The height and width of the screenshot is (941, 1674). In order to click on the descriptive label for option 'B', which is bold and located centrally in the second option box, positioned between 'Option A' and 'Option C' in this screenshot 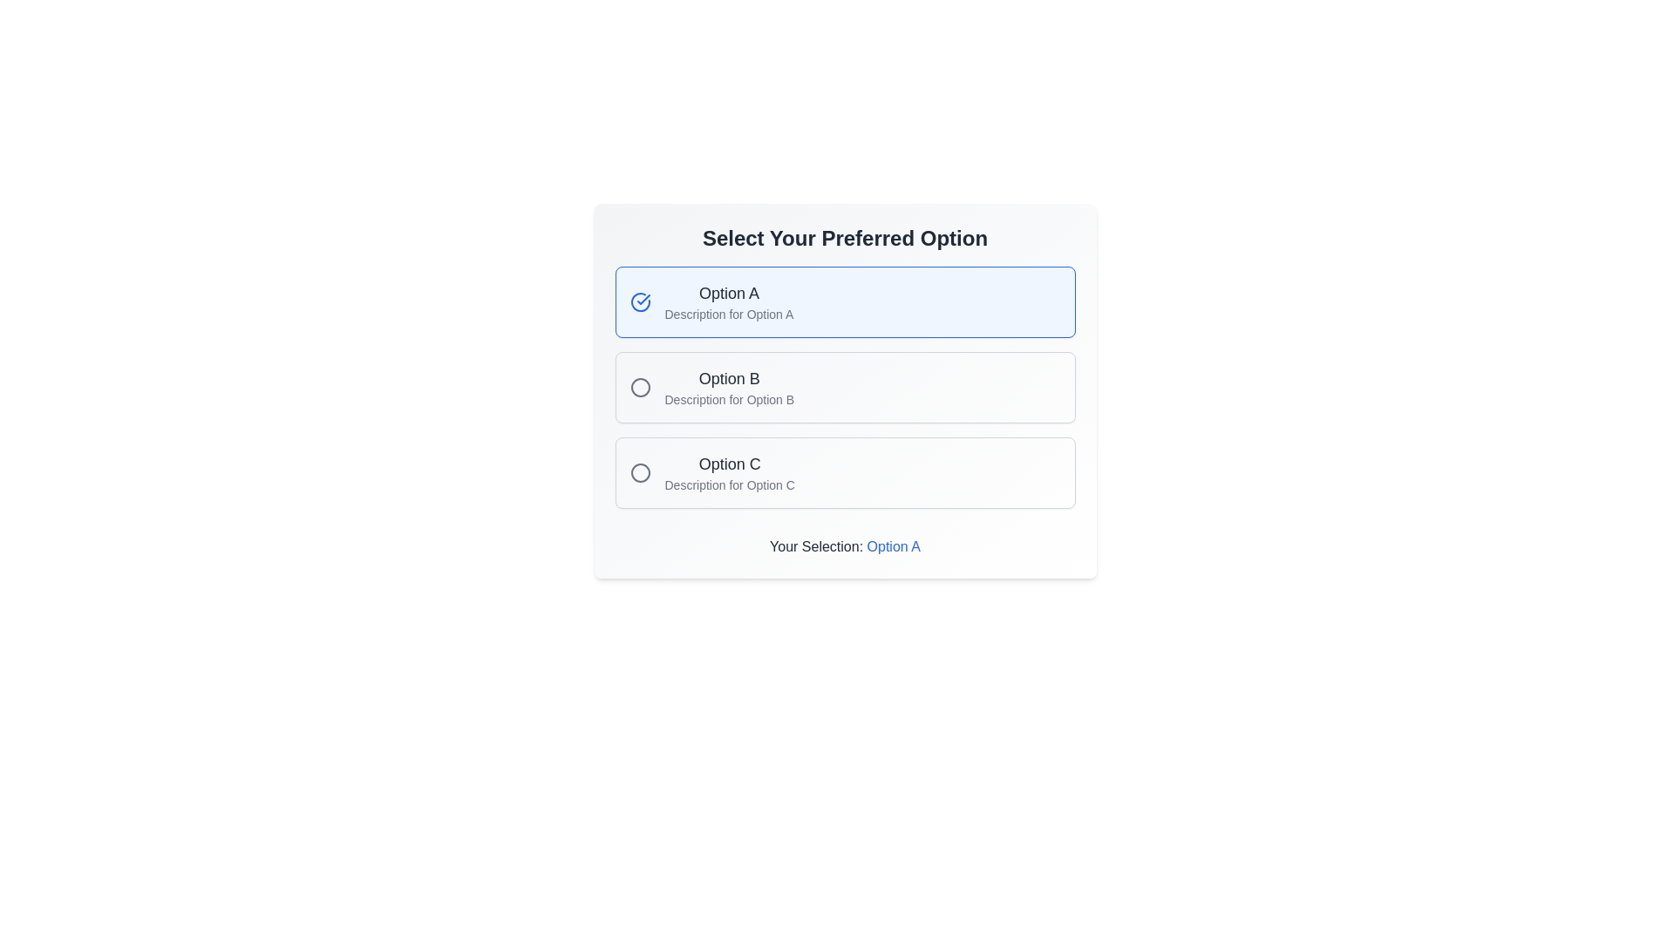, I will do `click(729, 386)`.